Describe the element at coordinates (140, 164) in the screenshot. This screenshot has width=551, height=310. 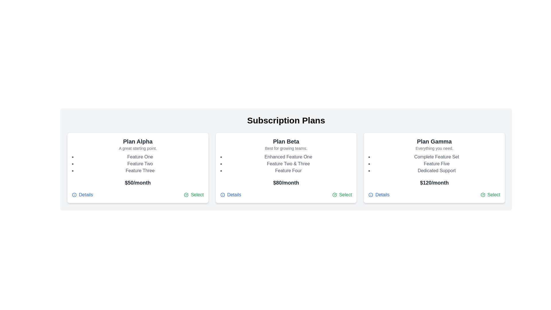
I see `features listed in the unordered list under the 'Plan Alpha' card, which includes 'Feature One,' 'Feature Two,' and 'Feature Three.'` at that location.